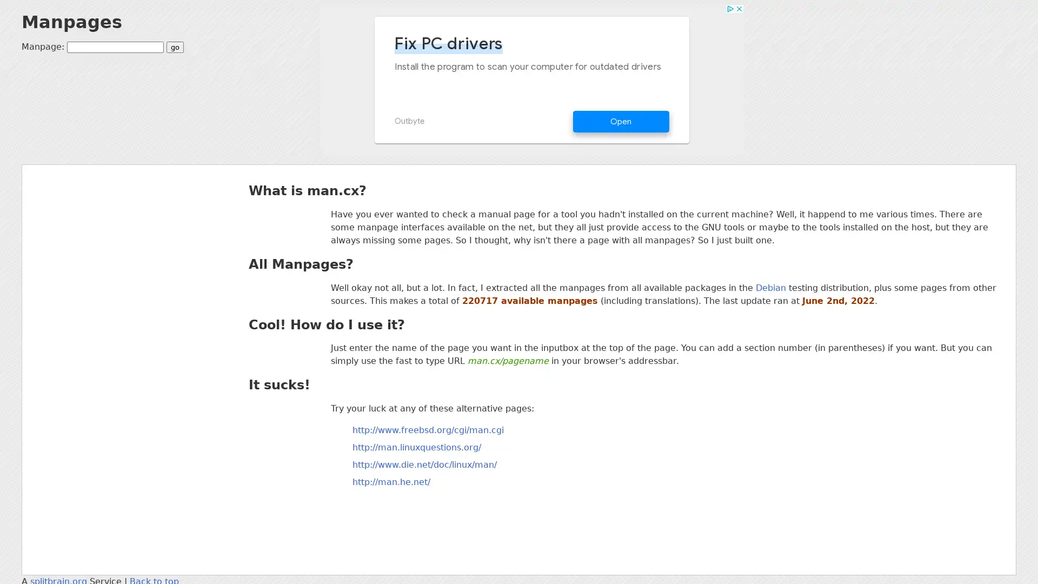 The height and width of the screenshot is (584, 1038). What do you see at coordinates (175, 46) in the screenshot?
I see `go` at bounding box center [175, 46].